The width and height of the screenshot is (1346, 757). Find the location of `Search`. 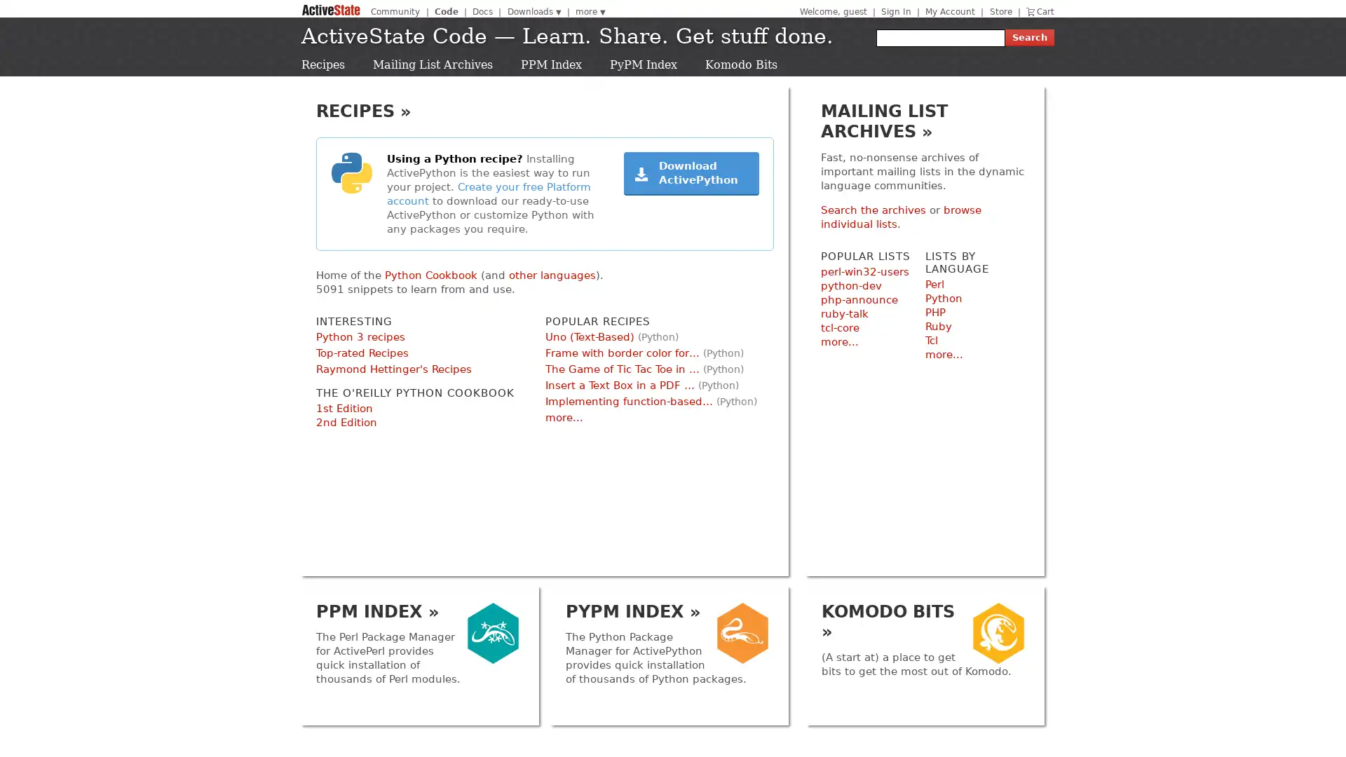

Search is located at coordinates (1029, 37).